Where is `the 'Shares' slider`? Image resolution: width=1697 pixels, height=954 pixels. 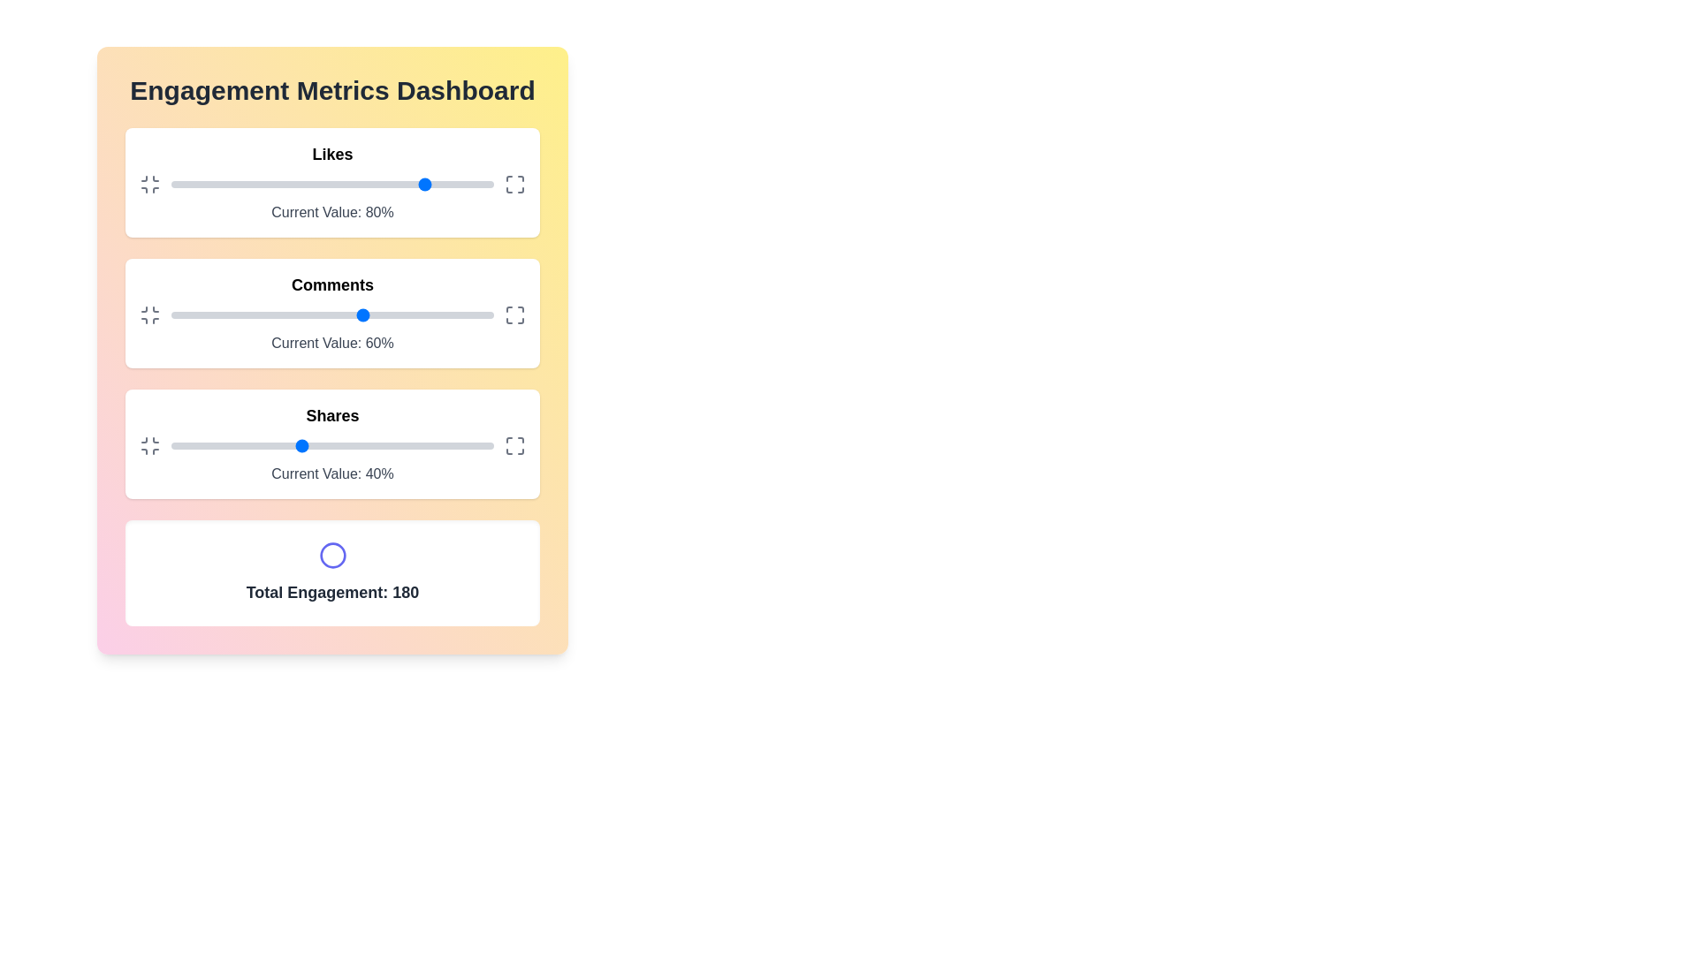 the 'Shares' slider is located at coordinates (468, 445).